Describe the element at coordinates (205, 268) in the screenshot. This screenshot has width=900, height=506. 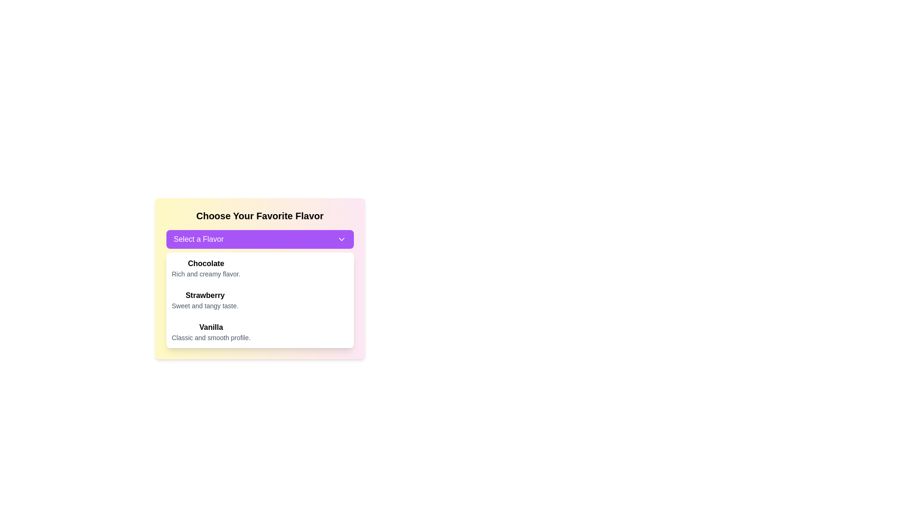
I see `on the first flavor option 'Chocolate' in the dropdown list under 'Select a Flavor' in the 'Choose Your Favorite Flavor' section` at that location.